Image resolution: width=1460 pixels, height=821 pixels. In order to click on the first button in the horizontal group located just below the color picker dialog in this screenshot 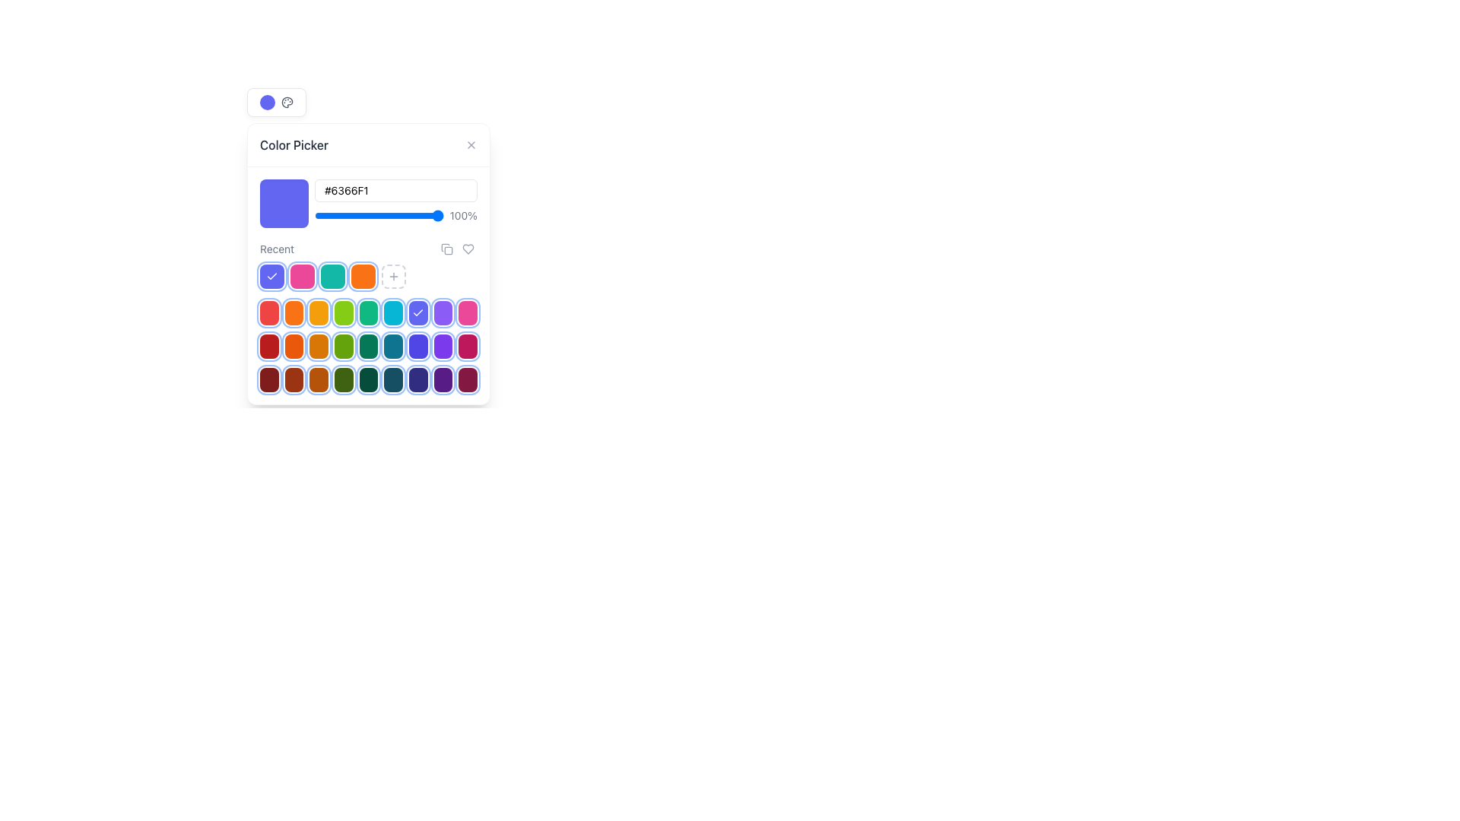, I will do `click(272, 276)`.